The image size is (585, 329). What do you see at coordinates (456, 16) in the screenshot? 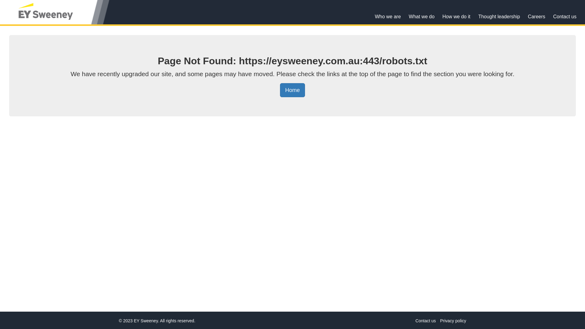
I see `'How we do it'` at bounding box center [456, 16].